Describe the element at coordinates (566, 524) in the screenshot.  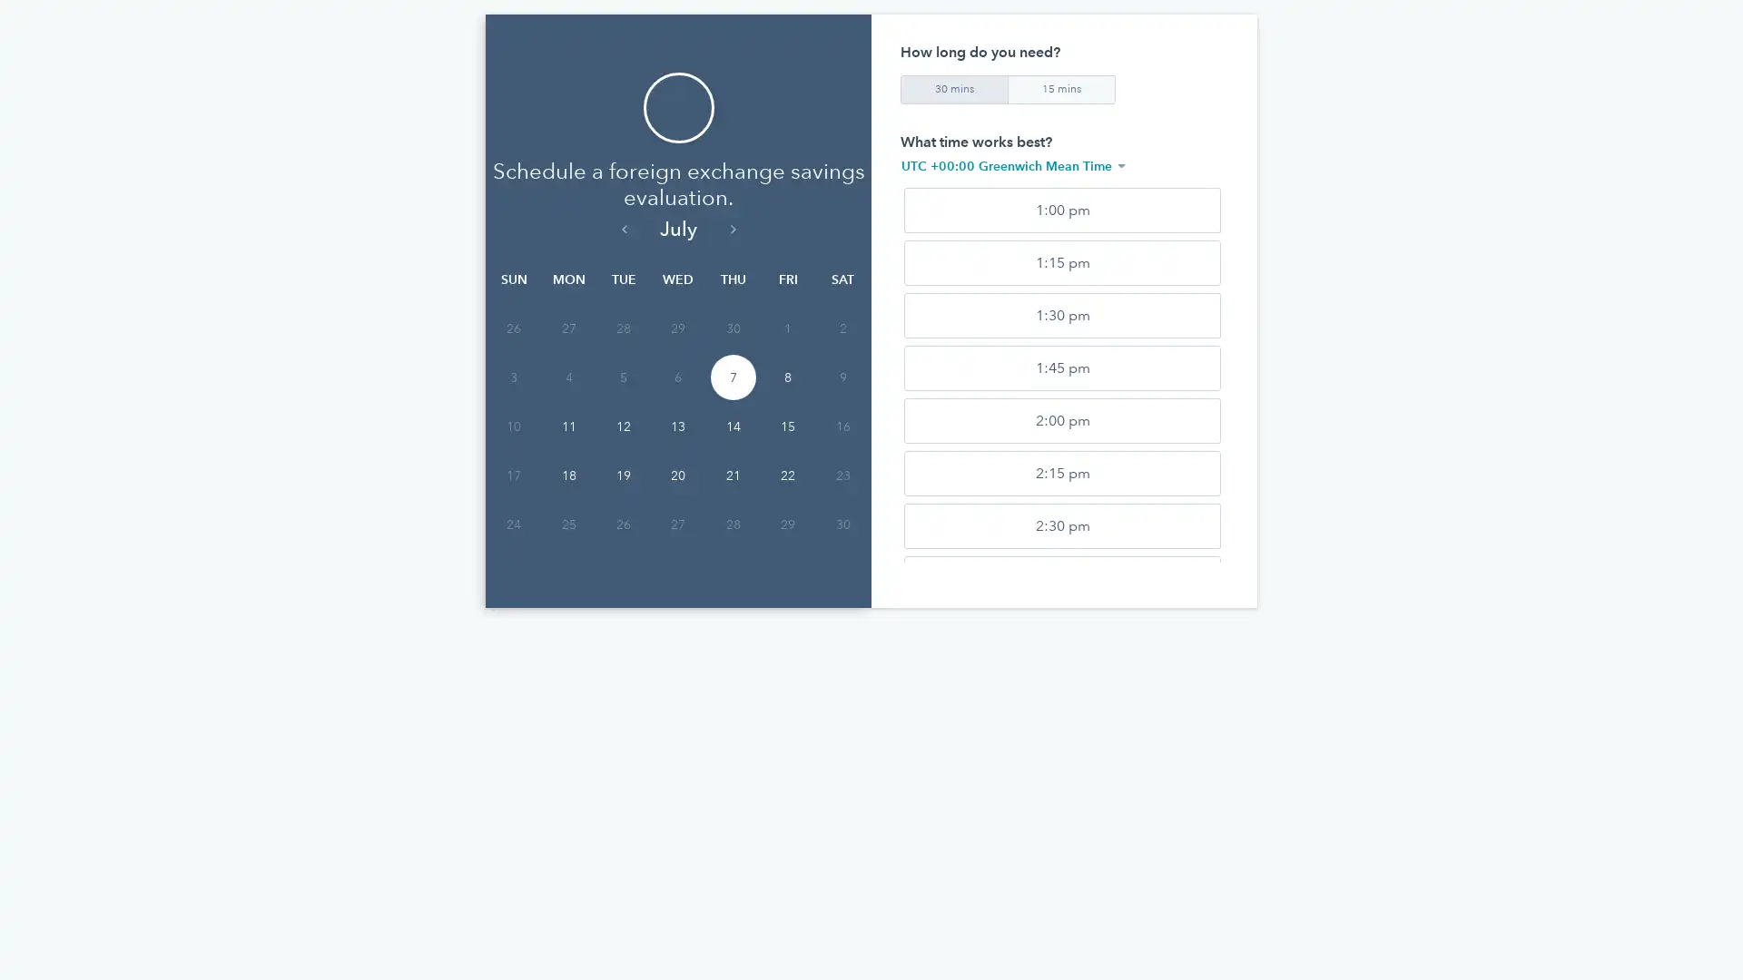
I see `July 25th` at that location.